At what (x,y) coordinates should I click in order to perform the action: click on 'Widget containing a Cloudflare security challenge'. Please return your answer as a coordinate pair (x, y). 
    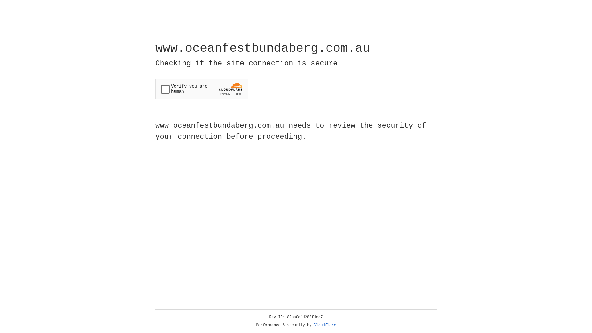
    Looking at the image, I should click on (201, 89).